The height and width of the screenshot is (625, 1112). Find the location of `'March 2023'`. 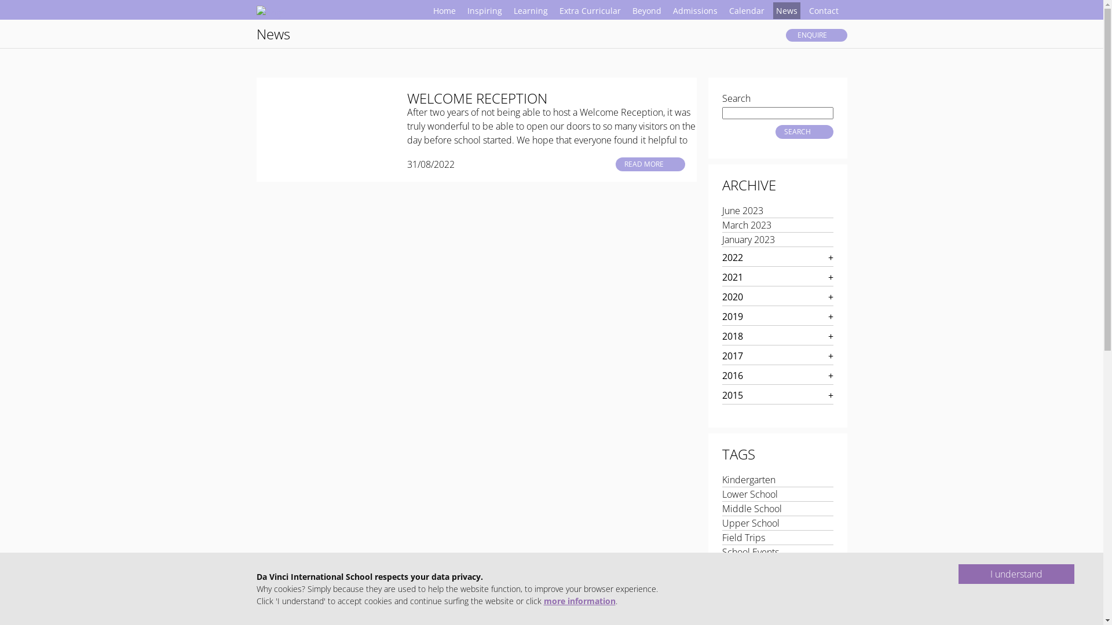

'March 2023' is located at coordinates (746, 225).